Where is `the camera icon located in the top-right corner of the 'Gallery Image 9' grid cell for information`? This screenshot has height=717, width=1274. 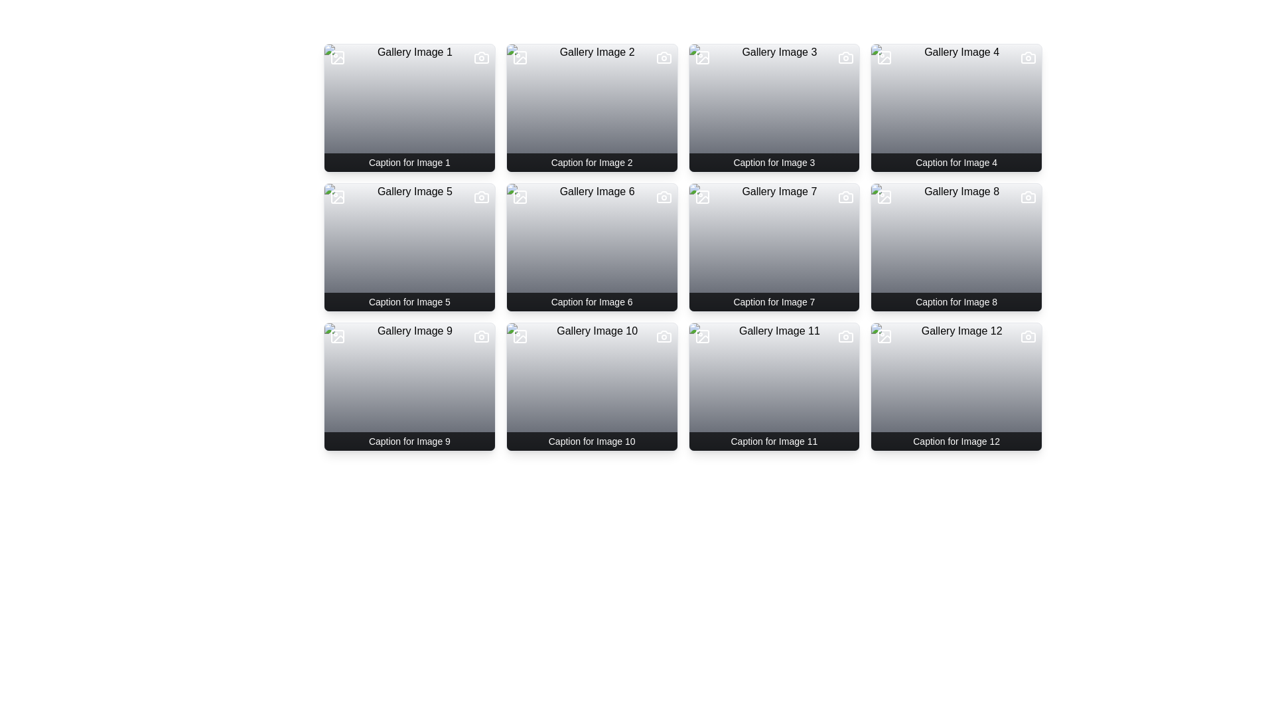
the camera icon located in the top-right corner of the 'Gallery Image 9' grid cell for information is located at coordinates (480, 335).